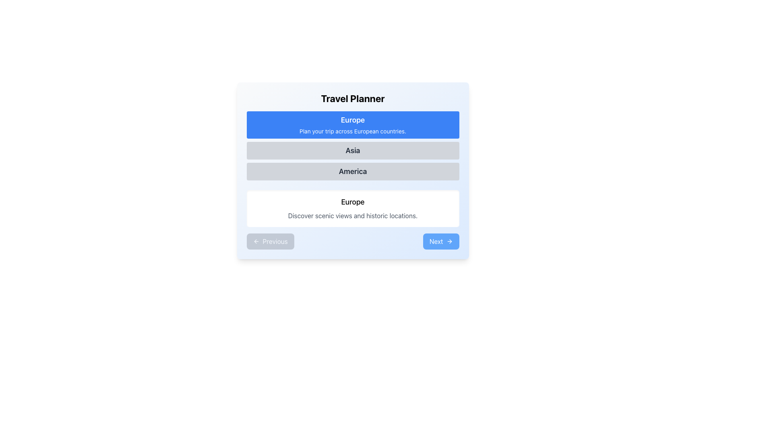 The image size is (773, 434). I want to click on the rectangular button with rounded corners, blue background, and white text labeled 'Next', so click(440, 241).